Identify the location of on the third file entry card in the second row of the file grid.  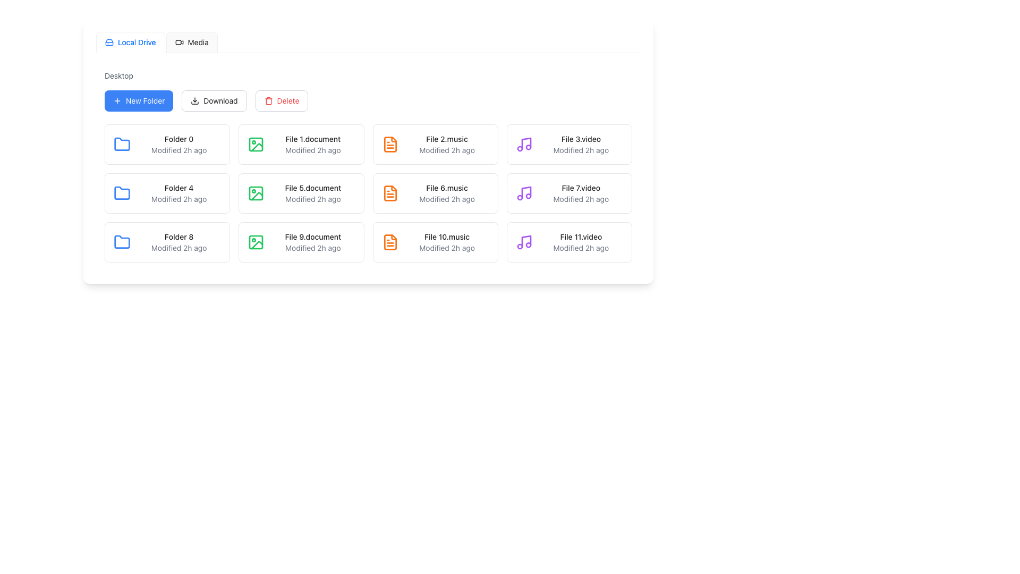
(312, 193).